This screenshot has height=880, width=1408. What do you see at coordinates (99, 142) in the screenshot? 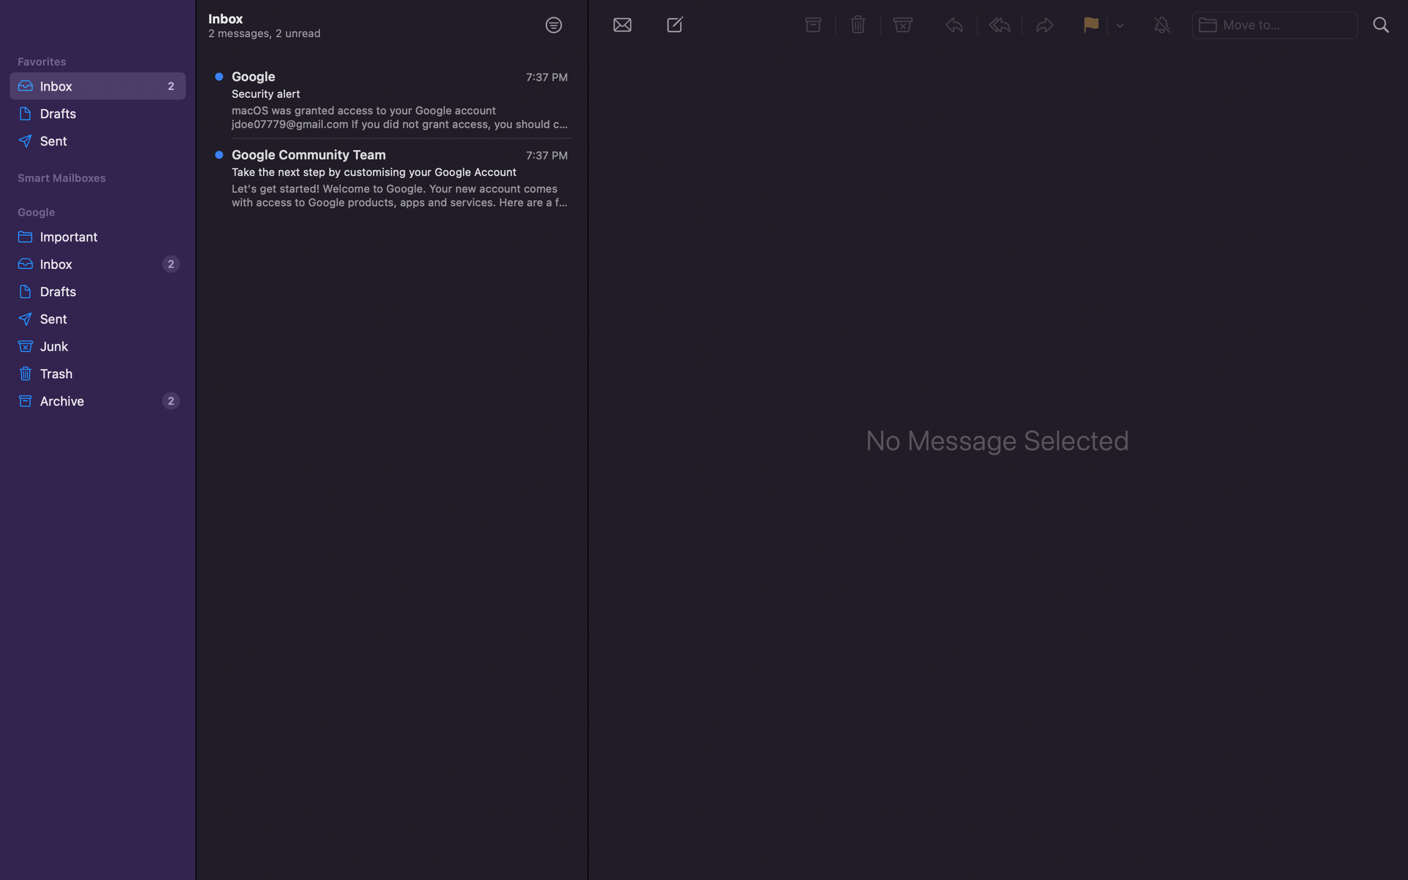
I see `to see the mails that have been sent` at bounding box center [99, 142].